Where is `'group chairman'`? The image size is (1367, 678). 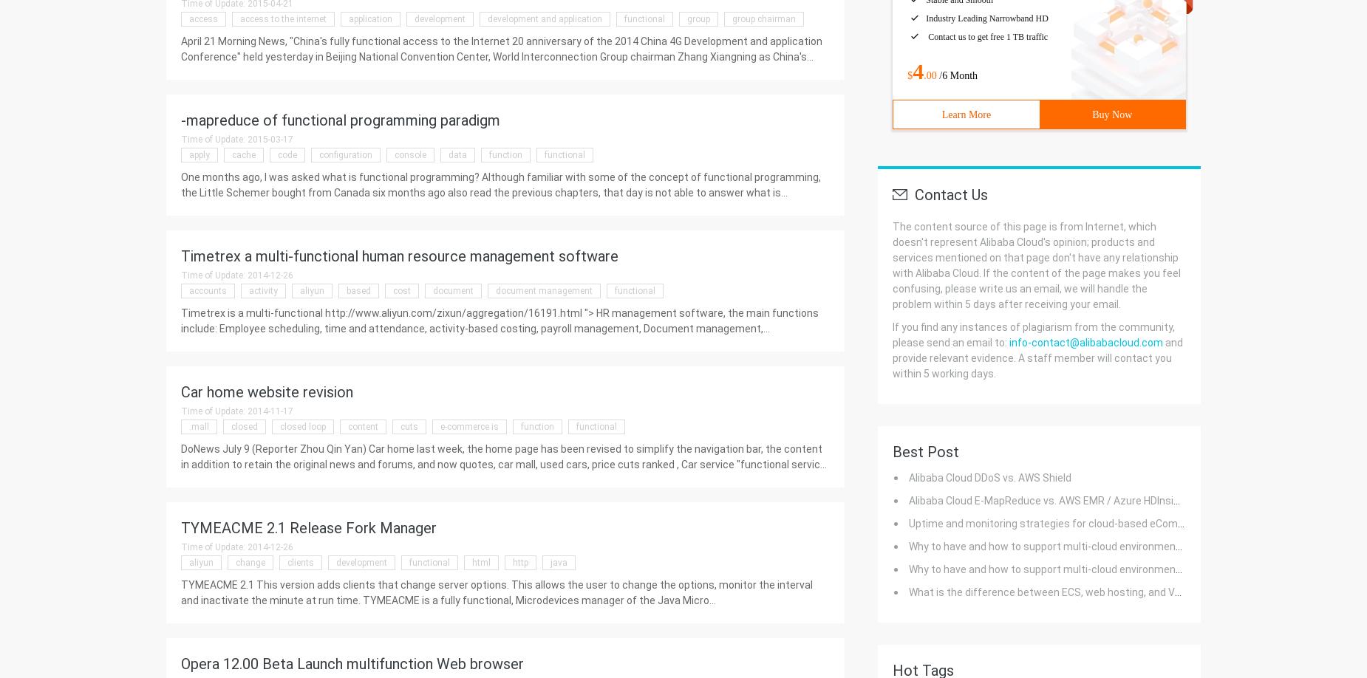
'group chairman' is located at coordinates (763, 18).